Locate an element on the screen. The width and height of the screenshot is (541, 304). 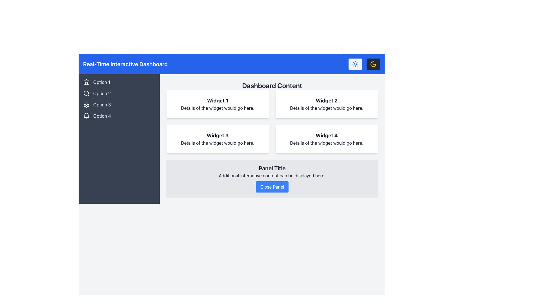
the theme toggle button located on the right side of the blue navigational header bar is located at coordinates (364, 64).